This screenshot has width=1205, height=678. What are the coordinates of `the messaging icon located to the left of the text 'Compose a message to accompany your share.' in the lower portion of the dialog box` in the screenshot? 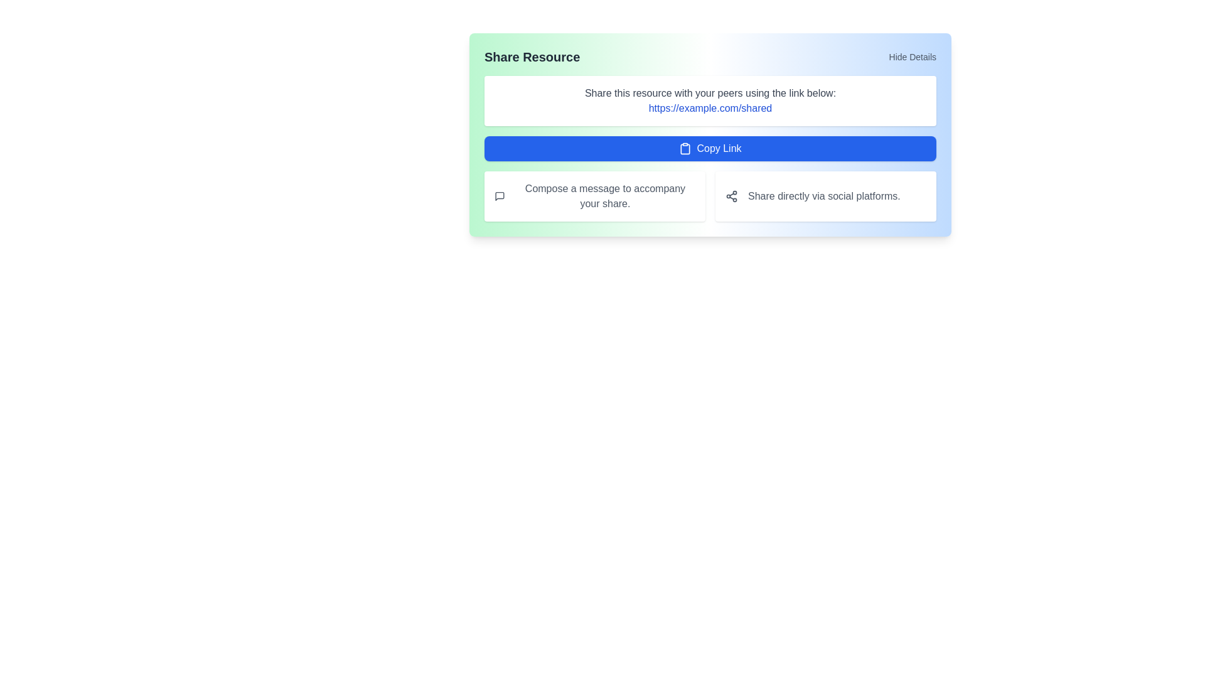 It's located at (499, 196).